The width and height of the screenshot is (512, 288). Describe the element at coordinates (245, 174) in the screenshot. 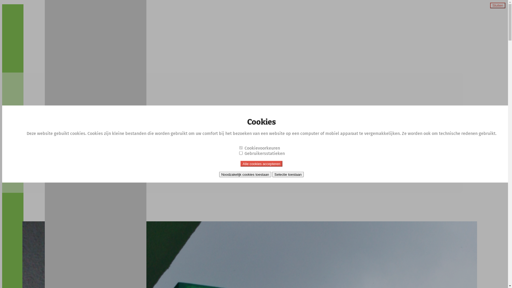

I see `'Noodzakelijk cookies toestaan'` at that location.